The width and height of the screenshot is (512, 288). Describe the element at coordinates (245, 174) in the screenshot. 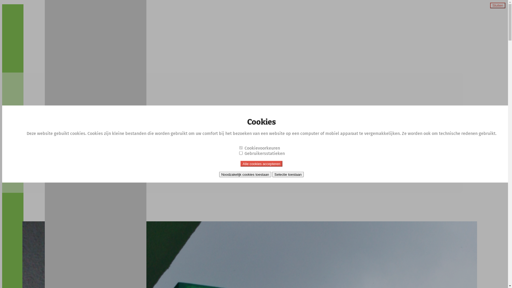

I see `'Noodzakelijk cookies toestaan'` at that location.